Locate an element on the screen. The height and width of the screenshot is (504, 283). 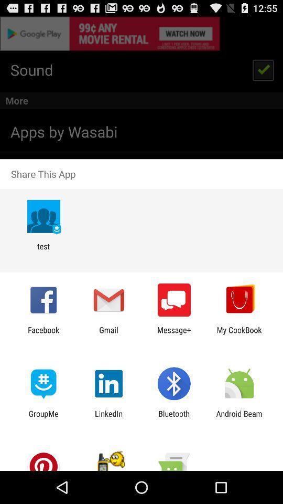
the item to the right of the message+ icon is located at coordinates (239, 334).